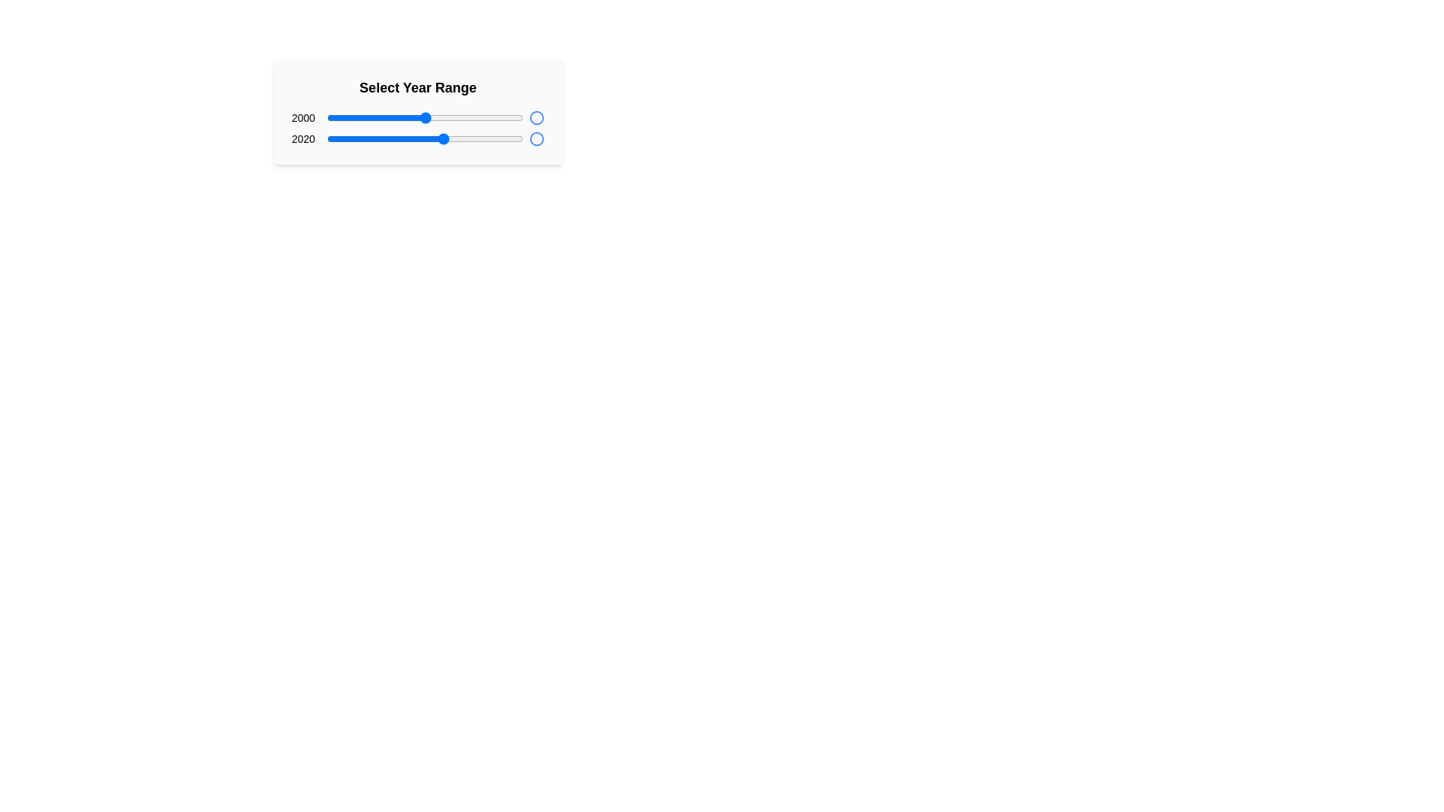 The width and height of the screenshot is (1444, 812). What do you see at coordinates (350, 139) in the screenshot?
I see `the year value` at bounding box center [350, 139].